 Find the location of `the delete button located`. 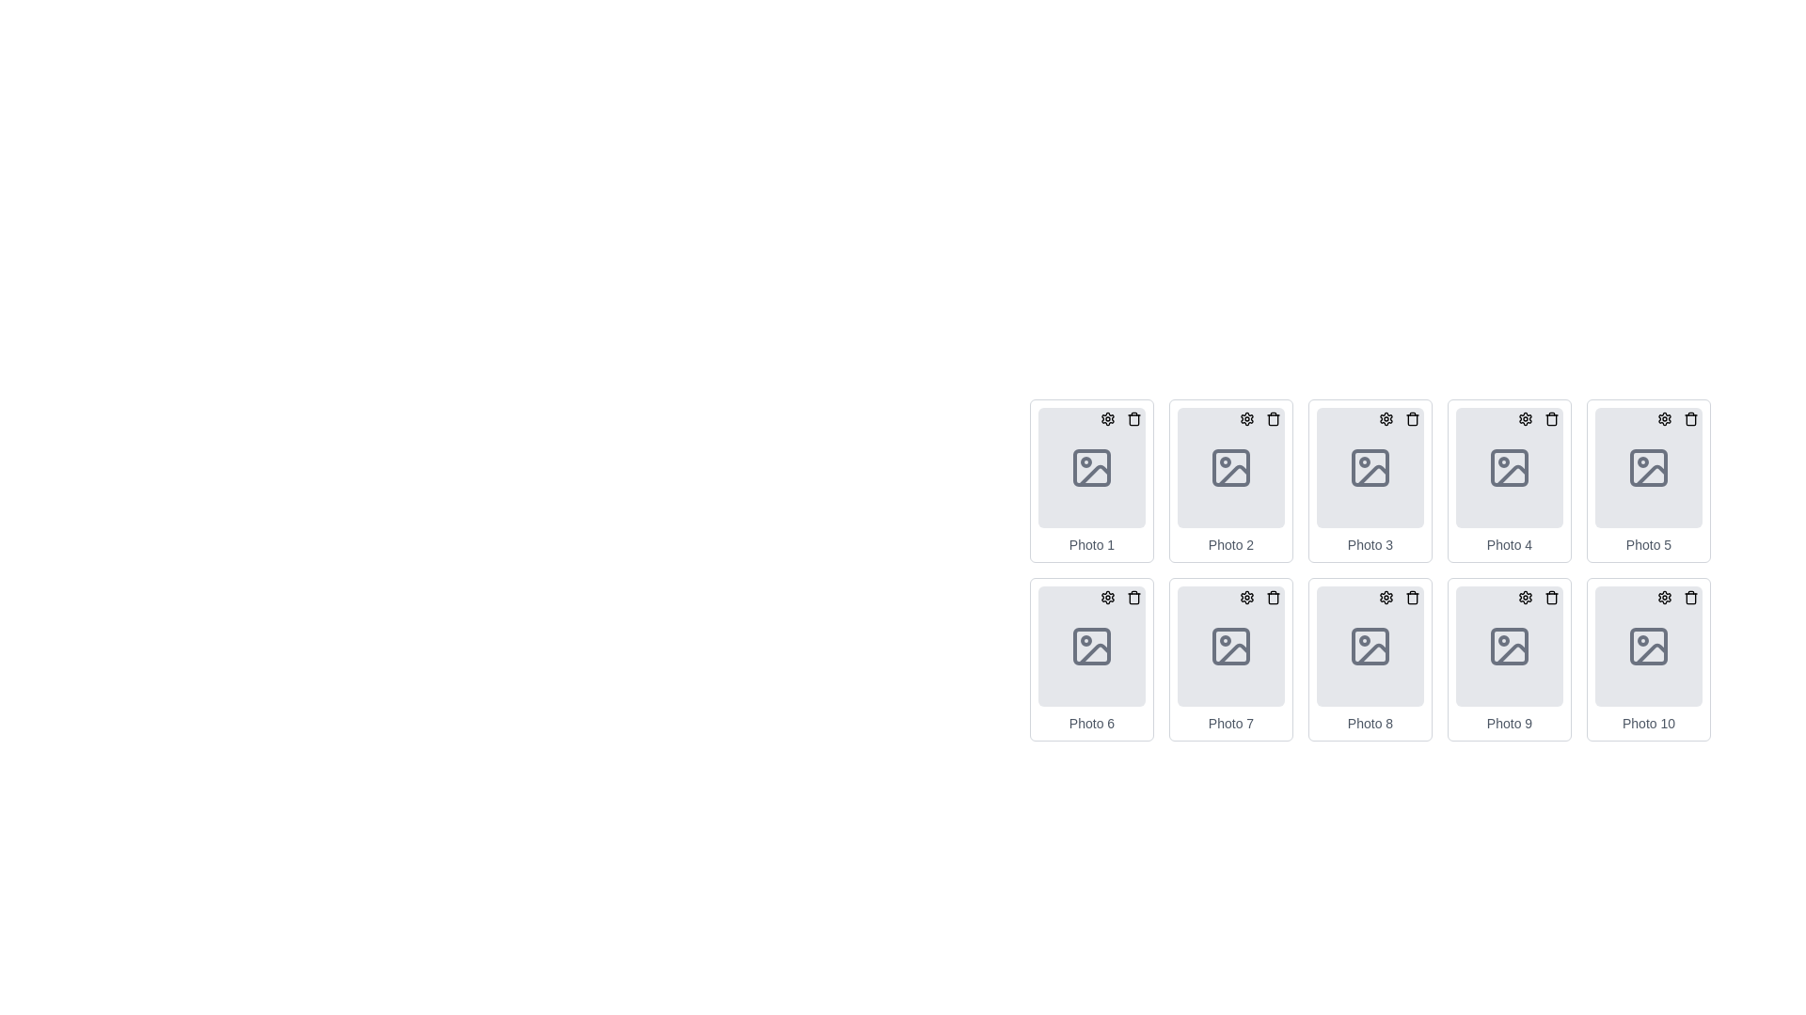

the delete button located is located at coordinates (1413, 418).